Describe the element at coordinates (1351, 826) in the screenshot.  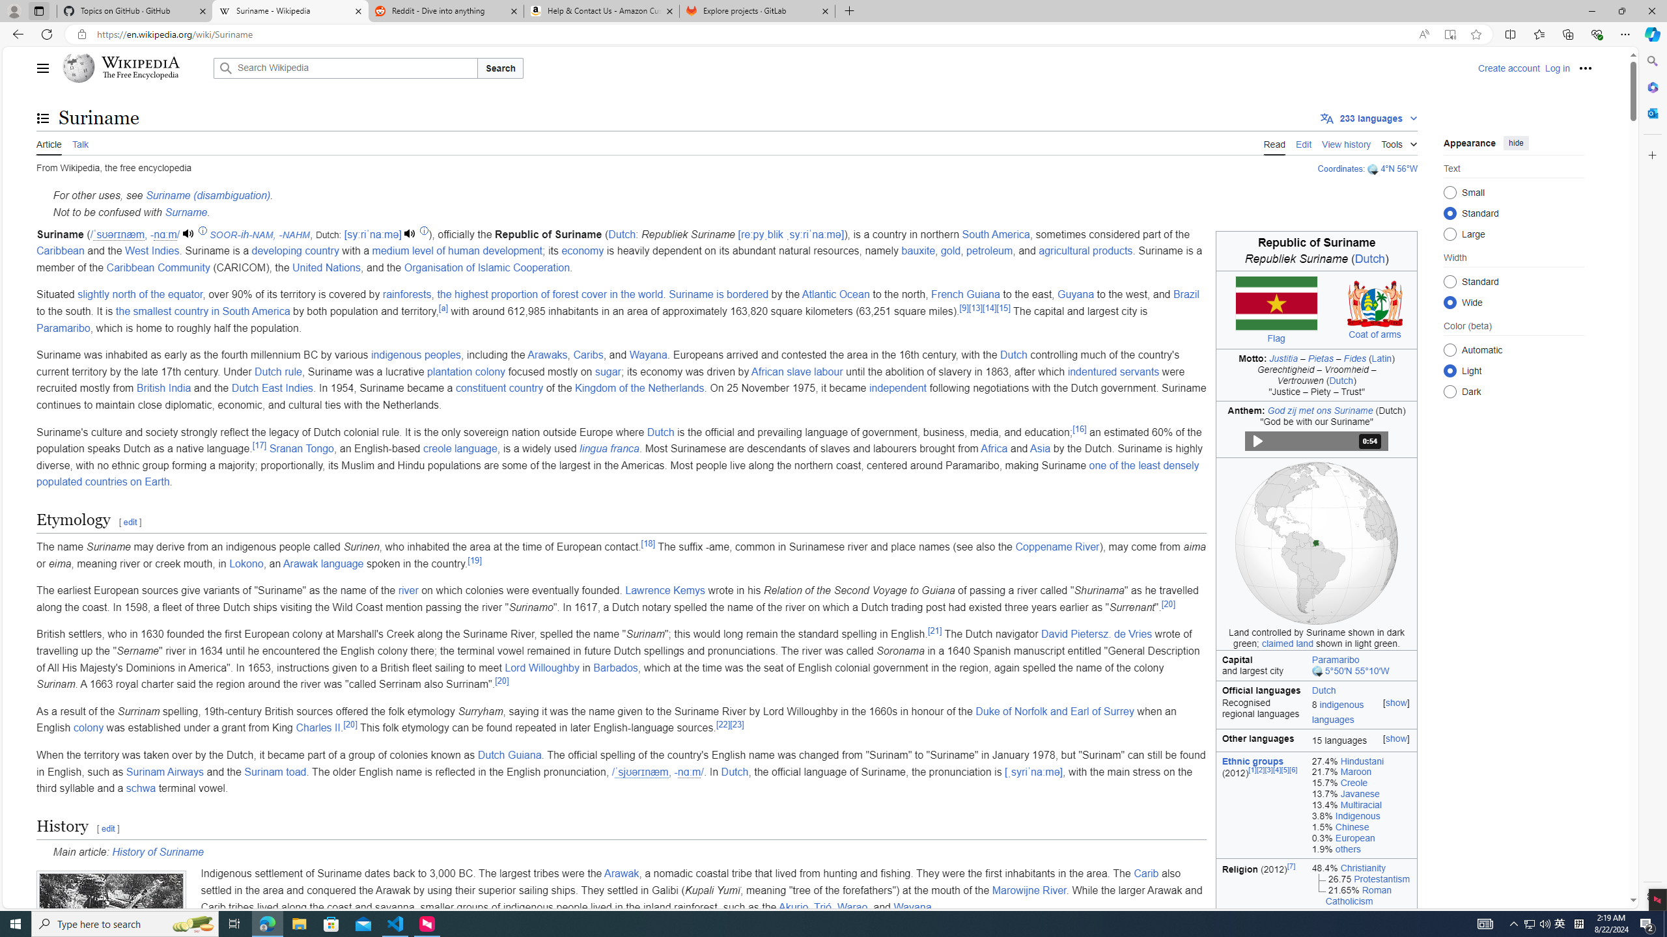
I see `'Chinese'` at that location.